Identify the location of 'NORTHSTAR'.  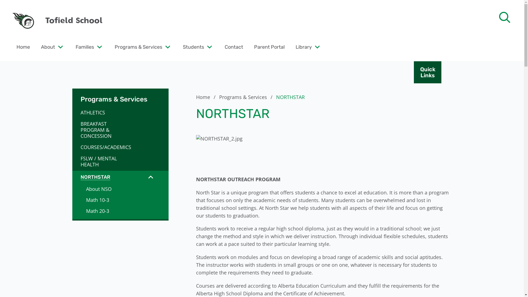
(72, 177).